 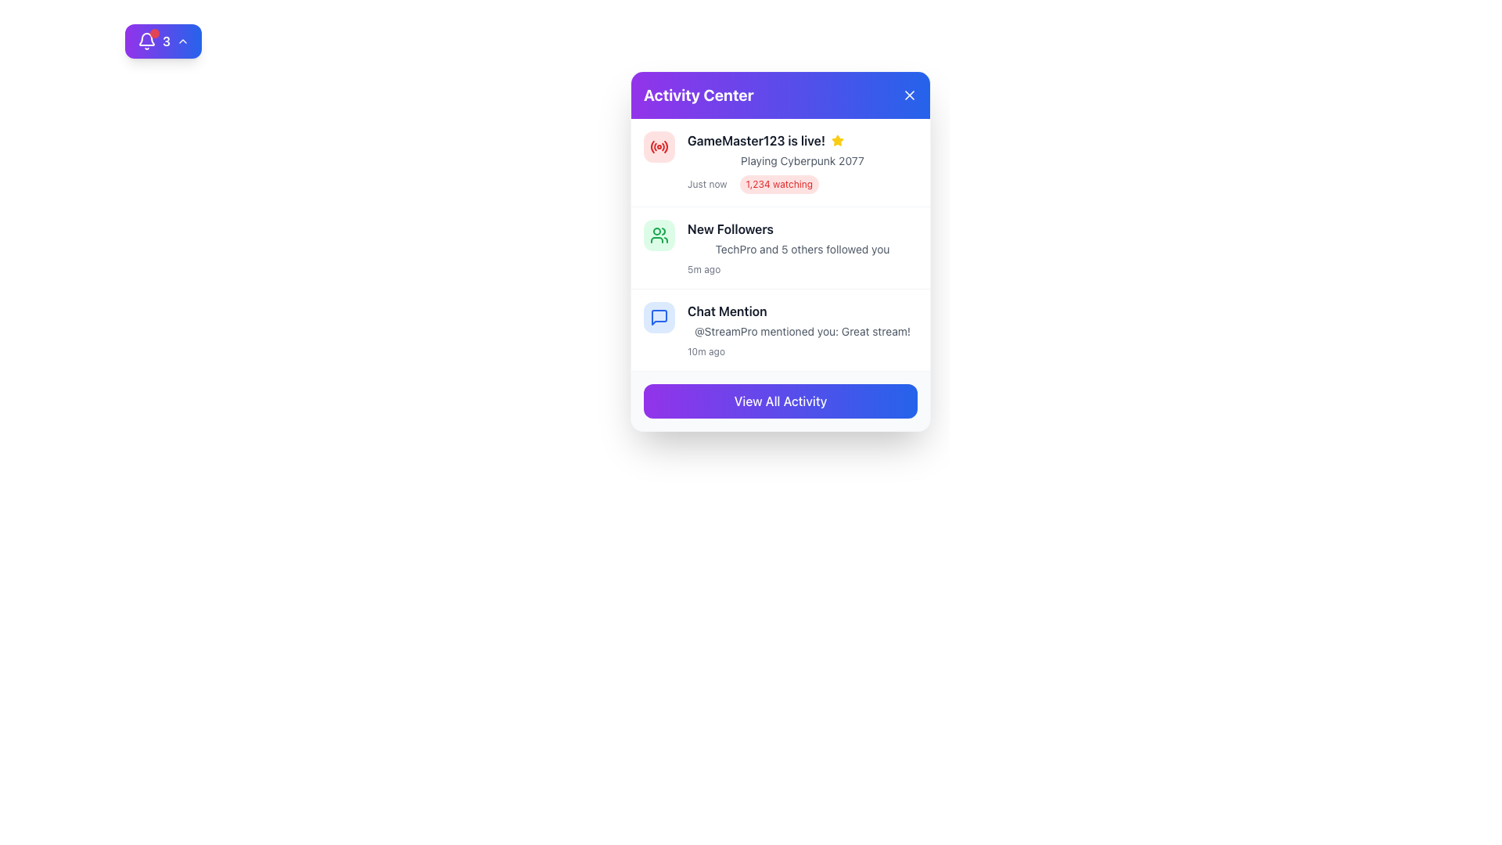 I want to click on the text label that states 'TechPro and 5 others followed you', which is styled in light gray and located in the 'New Followers' section of the 'Activity Center' dialog, so click(x=803, y=249).